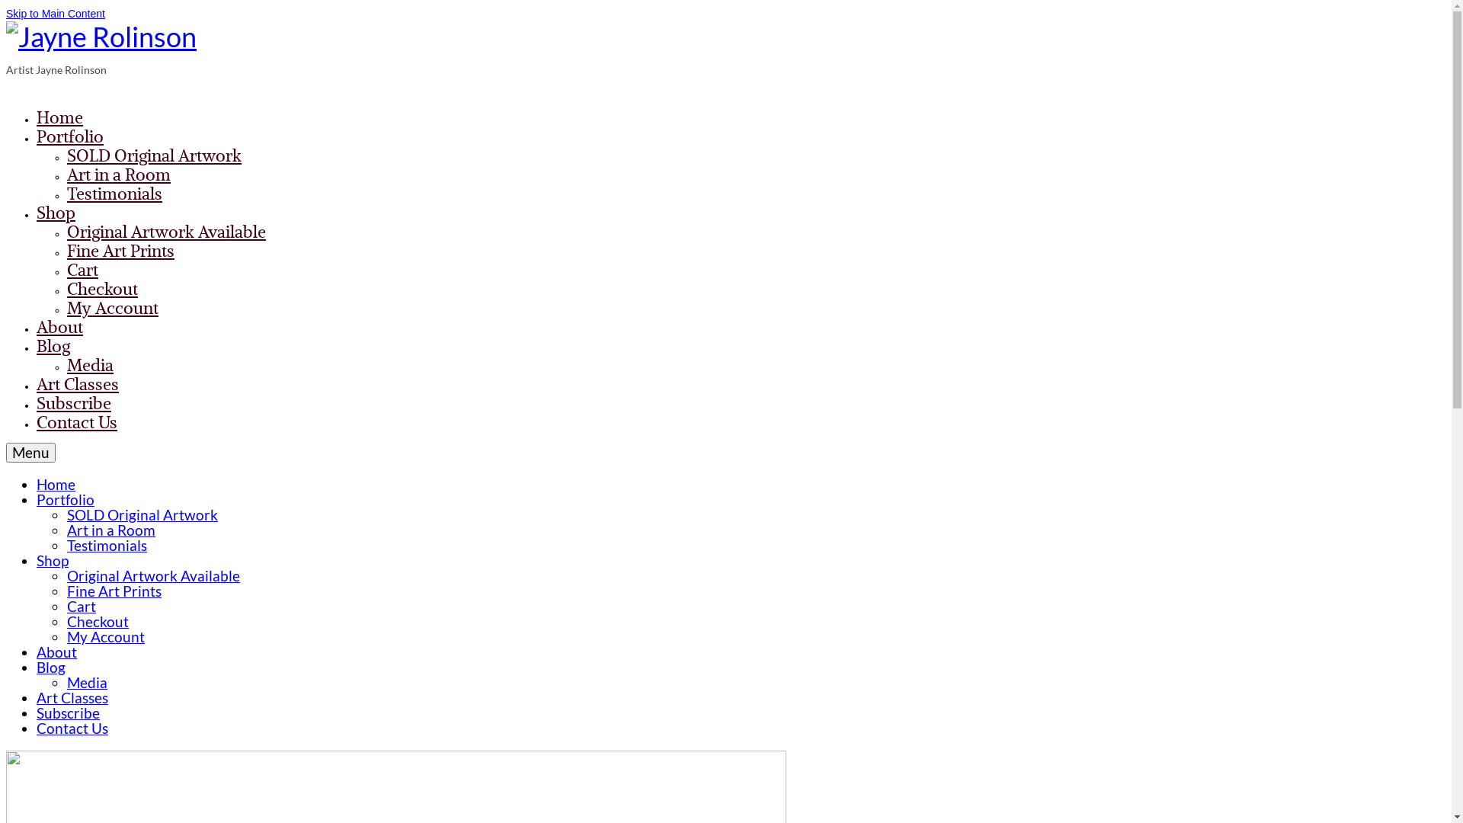 The width and height of the screenshot is (1463, 823). Describe the element at coordinates (52, 560) in the screenshot. I see `'Shop'` at that location.